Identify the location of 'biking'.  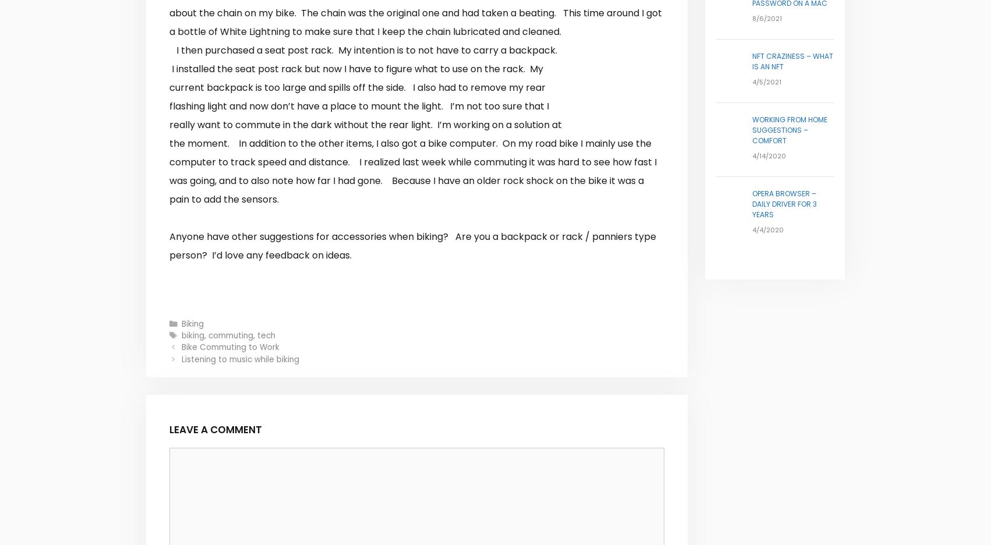
(193, 334).